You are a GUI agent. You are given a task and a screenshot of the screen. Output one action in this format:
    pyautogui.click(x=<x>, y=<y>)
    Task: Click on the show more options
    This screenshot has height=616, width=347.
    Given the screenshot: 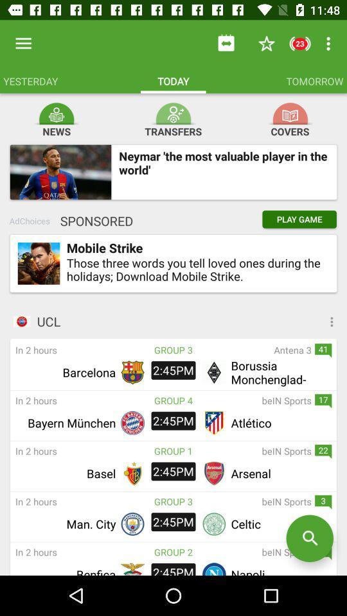 What is the action you would take?
    pyautogui.click(x=283, y=321)
    